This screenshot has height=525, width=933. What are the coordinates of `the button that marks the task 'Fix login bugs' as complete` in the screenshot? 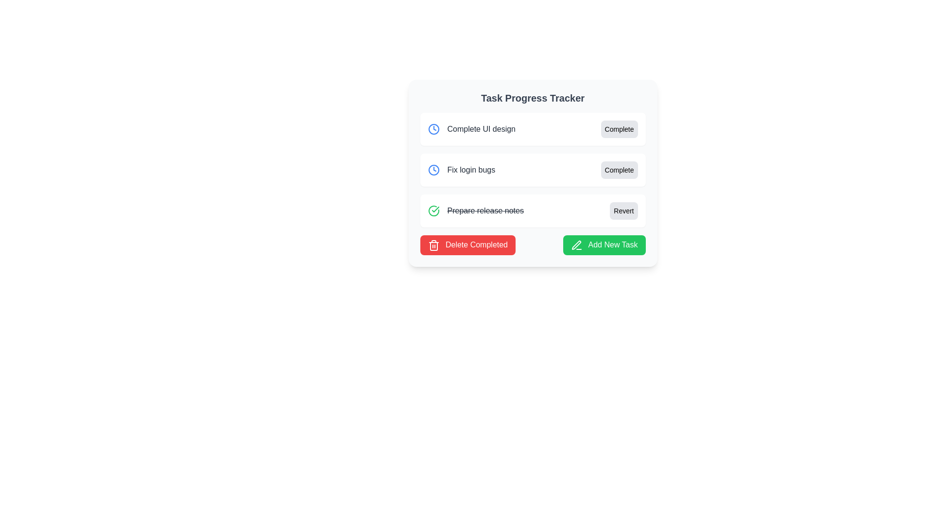 It's located at (619, 170).